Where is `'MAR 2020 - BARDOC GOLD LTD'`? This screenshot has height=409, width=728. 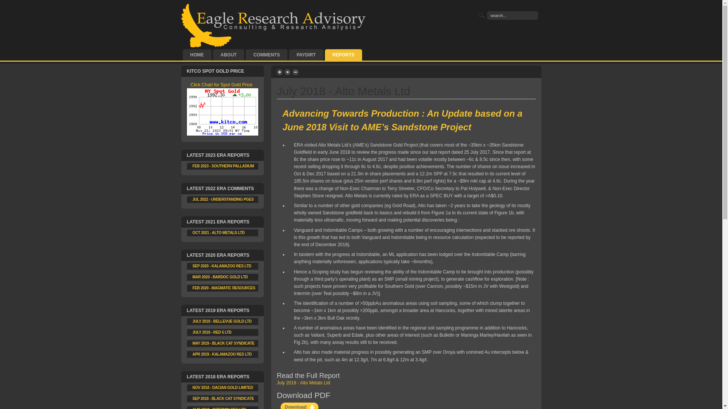 'MAR 2020 - BARDOC GOLD LTD' is located at coordinates (220, 277).